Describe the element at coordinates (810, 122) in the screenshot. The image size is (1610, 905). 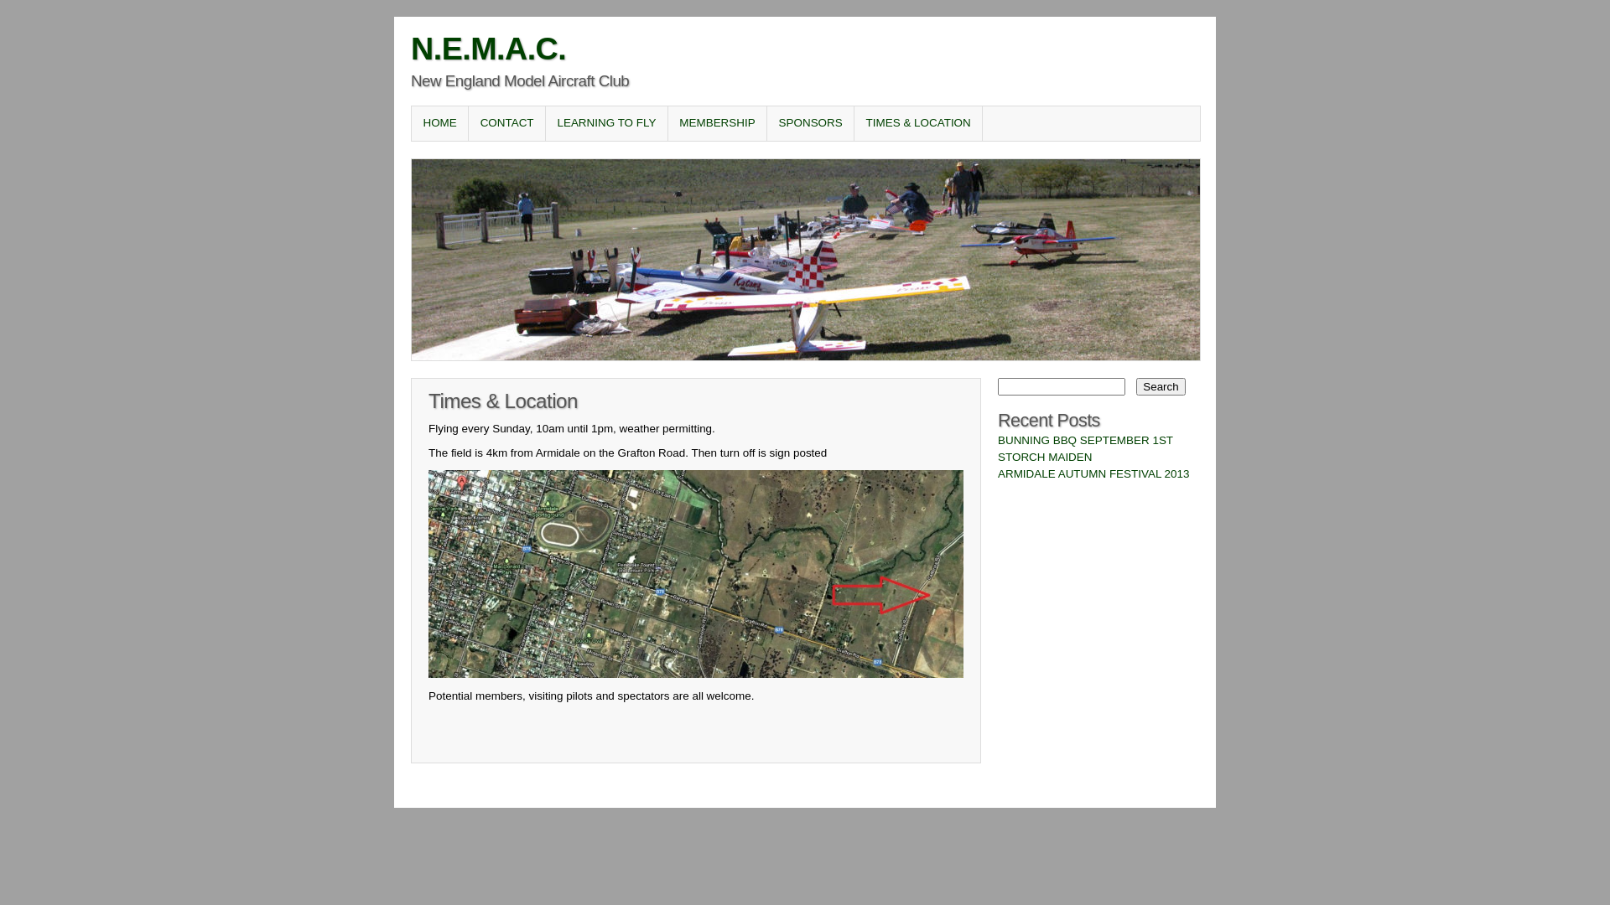
I see `'SPONSORS'` at that location.